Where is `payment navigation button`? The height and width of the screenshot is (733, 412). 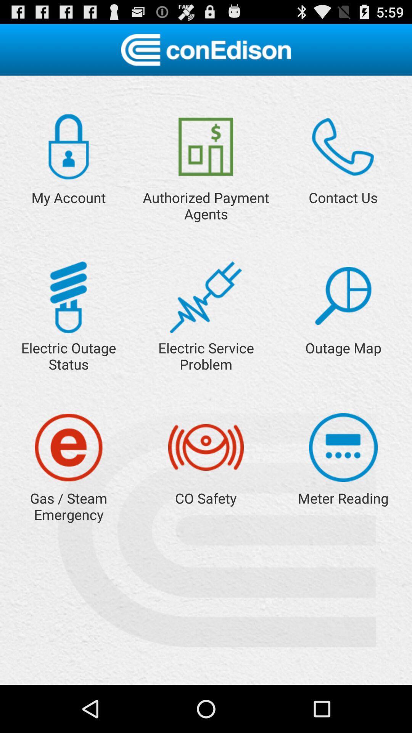 payment navigation button is located at coordinates (205, 147).